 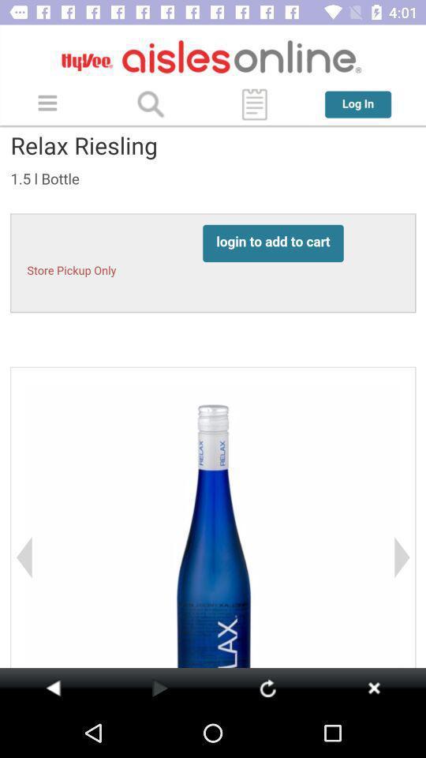 I want to click on go next, so click(x=159, y=687).